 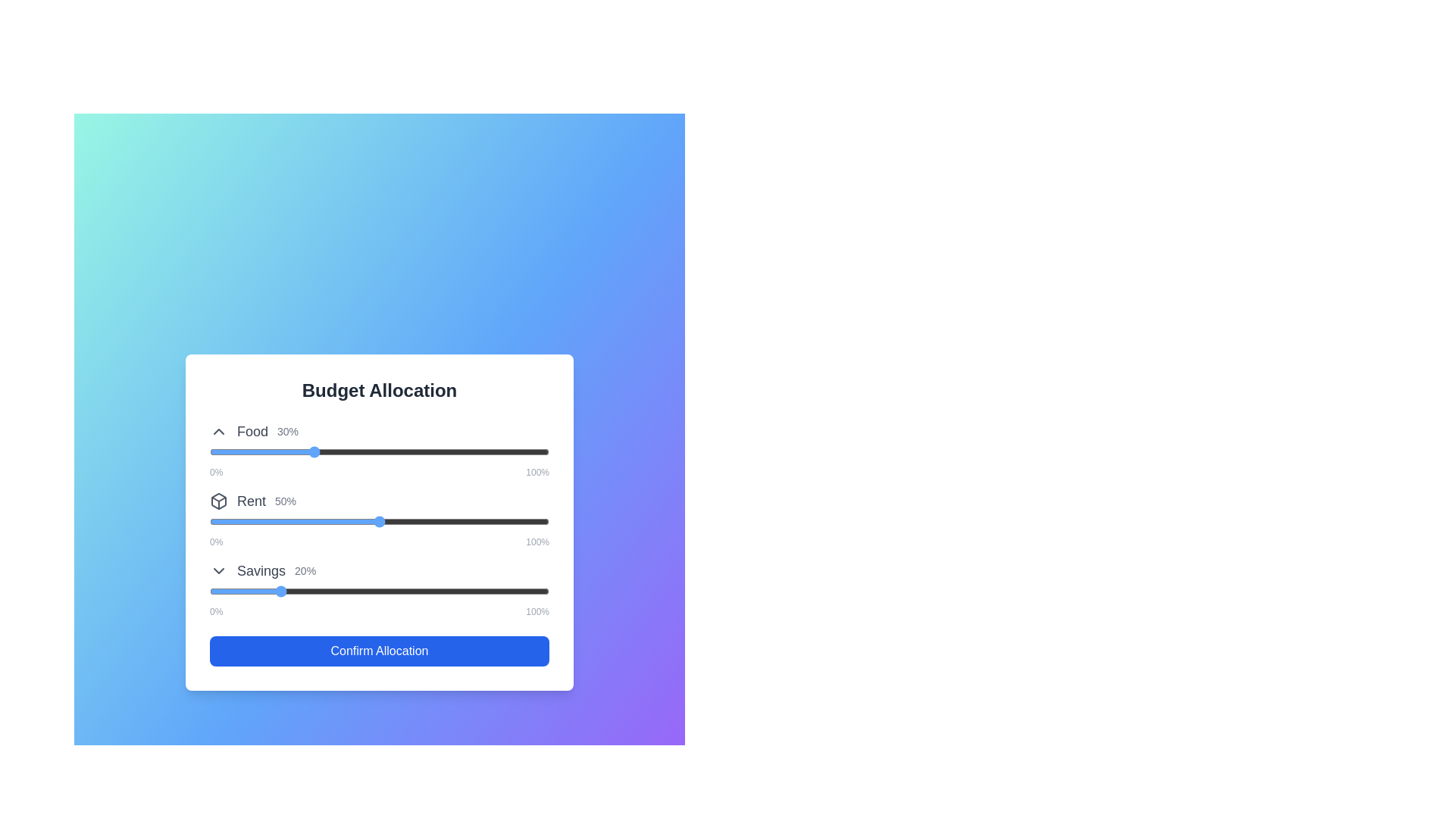 What do you see at coordinates (217, 501) in the screenshot?
I see `the icon representing the Rent category` at bounding box center [217, 501].